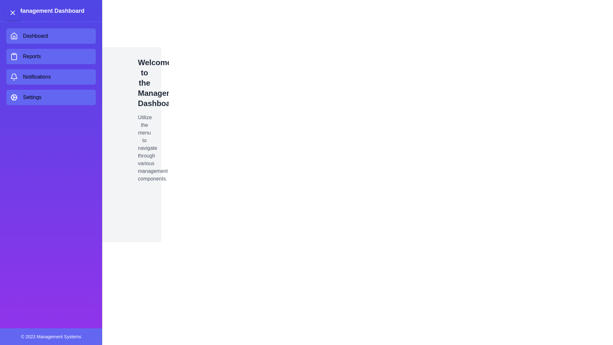  What do you see at coordinates (144, 148) in the screenshot?
I see `the instruction text element located below the title 'Welcome to the Management Dashboard' in the main content area` at bounding box center [144, 148].